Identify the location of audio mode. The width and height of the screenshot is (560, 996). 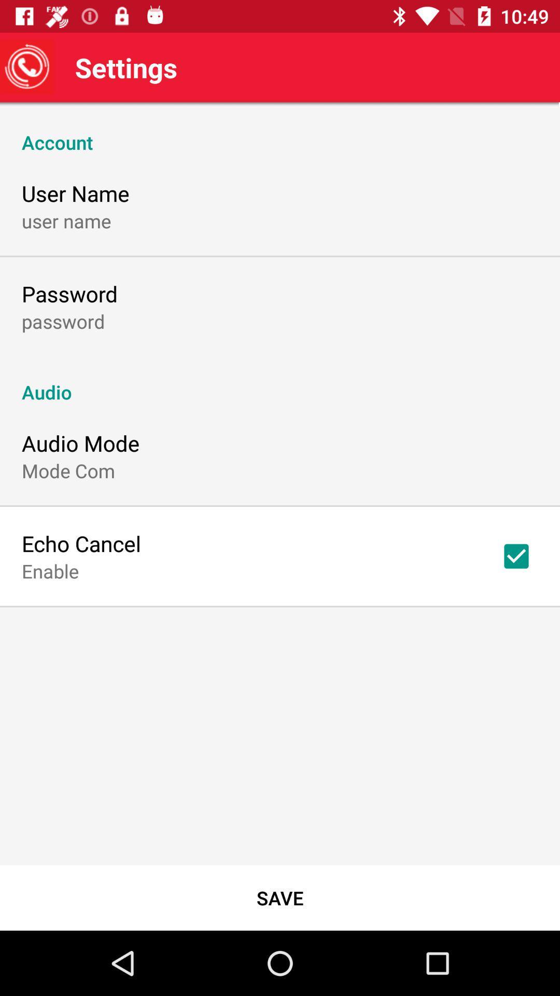
(80, 443).